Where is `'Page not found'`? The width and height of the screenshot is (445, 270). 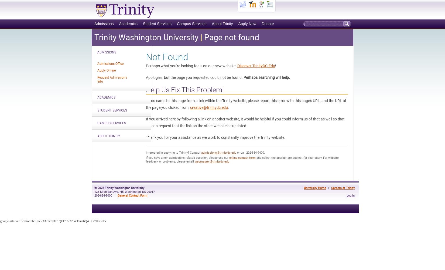
'Page not found' is located at coordinates (231, 37).